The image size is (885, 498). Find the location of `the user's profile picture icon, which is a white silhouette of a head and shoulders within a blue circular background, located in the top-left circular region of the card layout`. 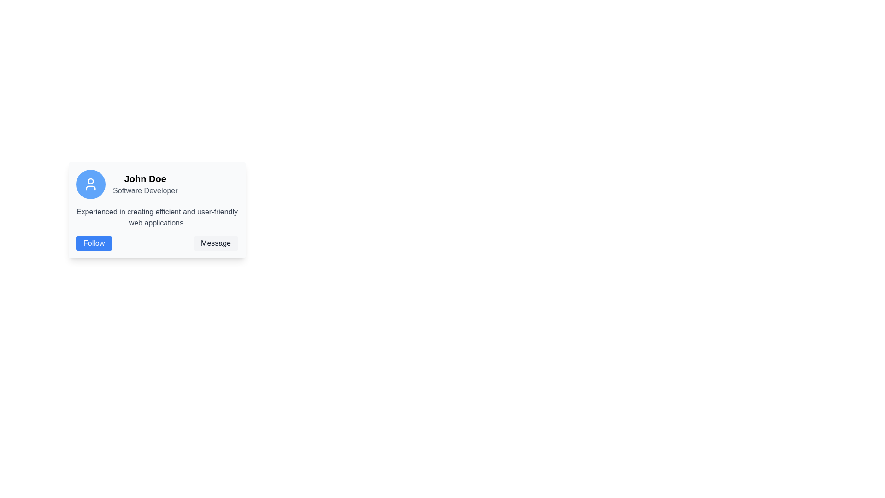

the user's profile picture icon, which is a white silhouette of a head and shoulders within a blue circular background, located in the top-left circular region of the card layout is located at coordinates (90, 184).